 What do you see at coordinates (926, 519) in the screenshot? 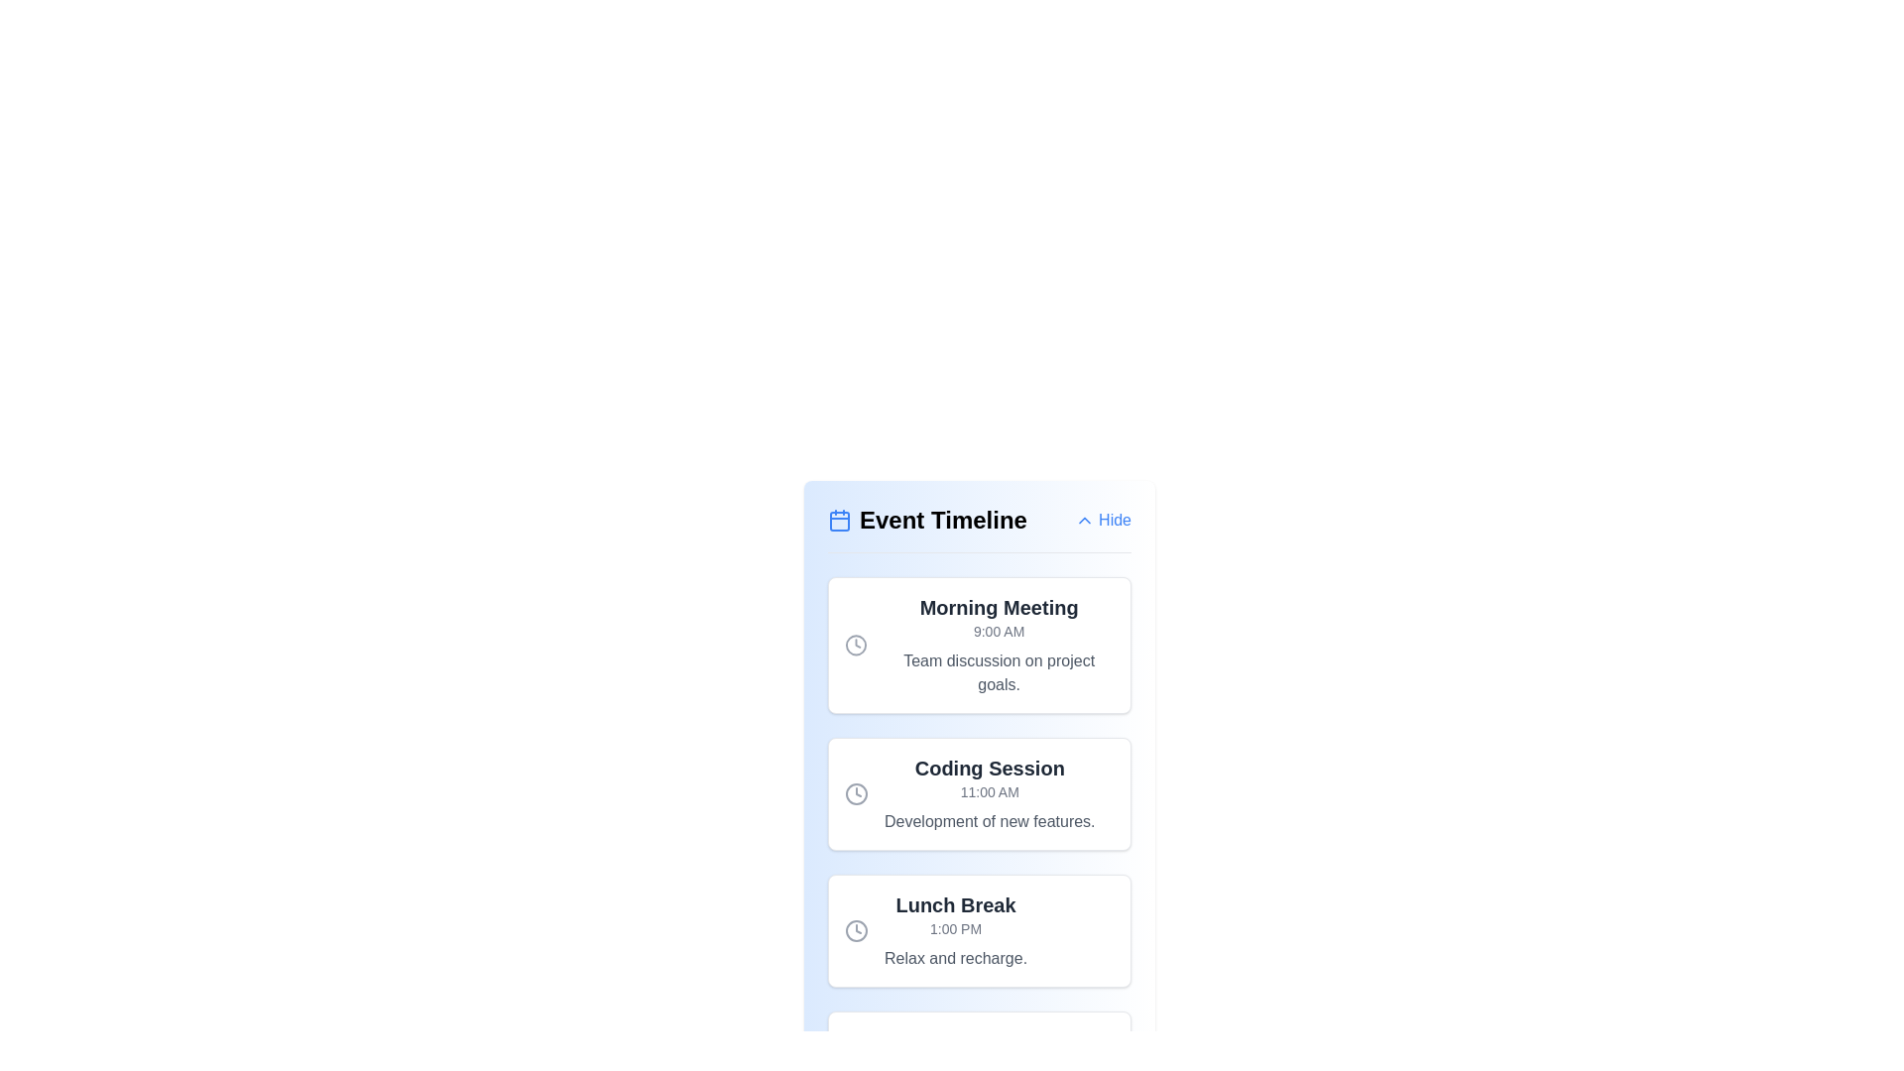
I see `the Text Label that serves as a title for the section` at bounding box center [926, 519].